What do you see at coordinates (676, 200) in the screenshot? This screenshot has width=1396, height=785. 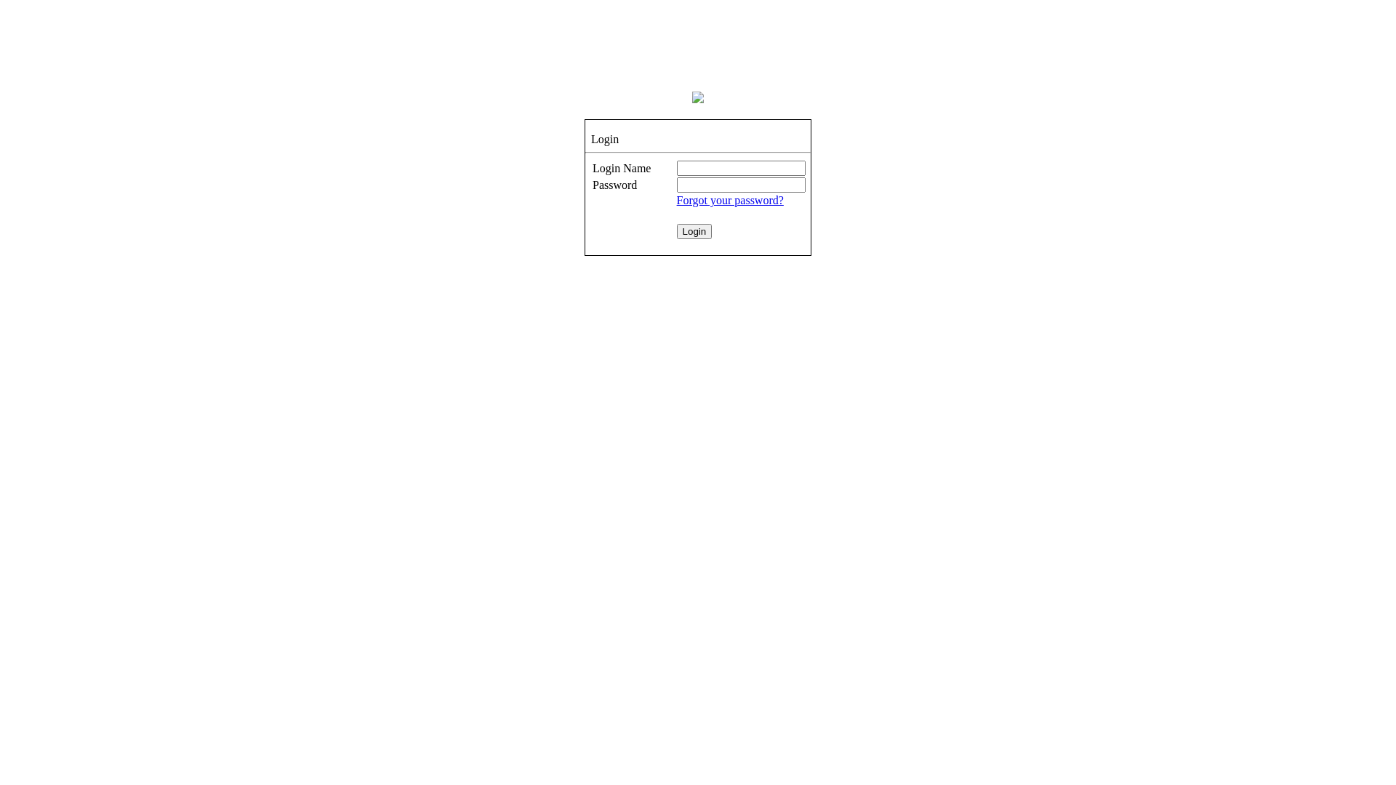 I see `'Forgot your password?'` at bounding box center [676, 200].